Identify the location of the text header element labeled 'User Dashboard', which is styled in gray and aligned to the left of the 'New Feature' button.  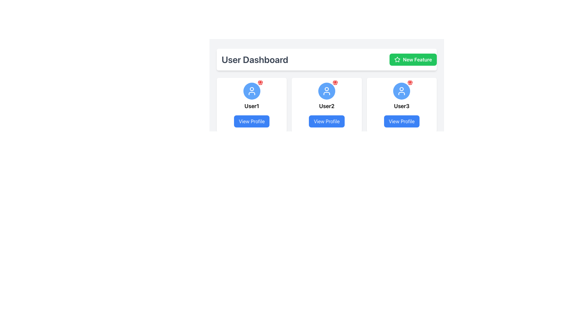
(255, 59).